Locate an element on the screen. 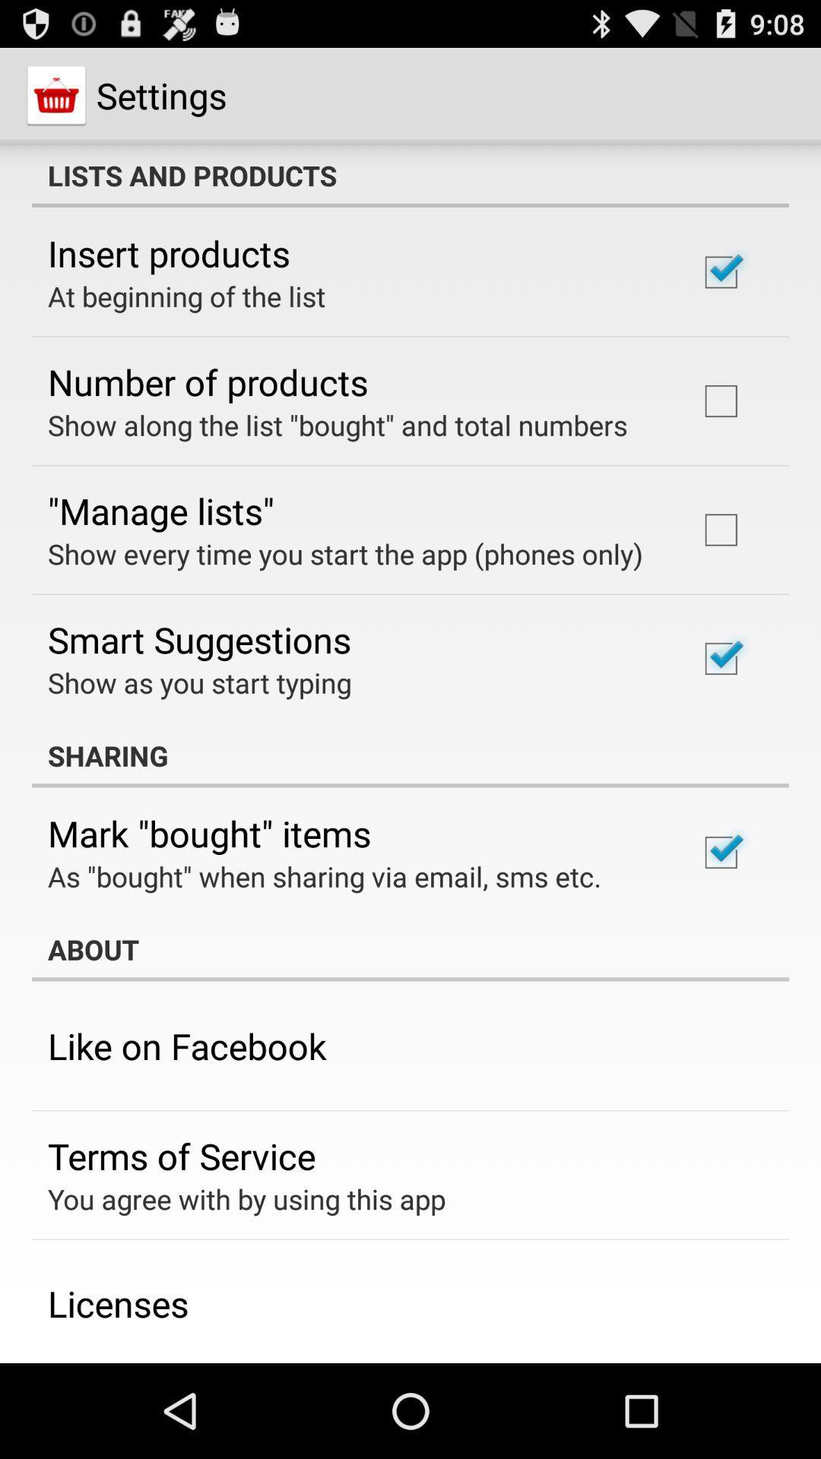  the as bought when icon is located at coordinates (324, 876).